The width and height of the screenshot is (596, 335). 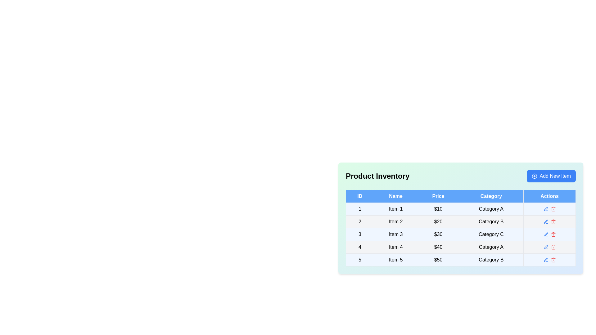 I want to click on price information displayed in the third cell of the row corresponding to 'Item 2' under the 'Price' column in the table located on the lower right side of the interface, so click(x=438, y=221).